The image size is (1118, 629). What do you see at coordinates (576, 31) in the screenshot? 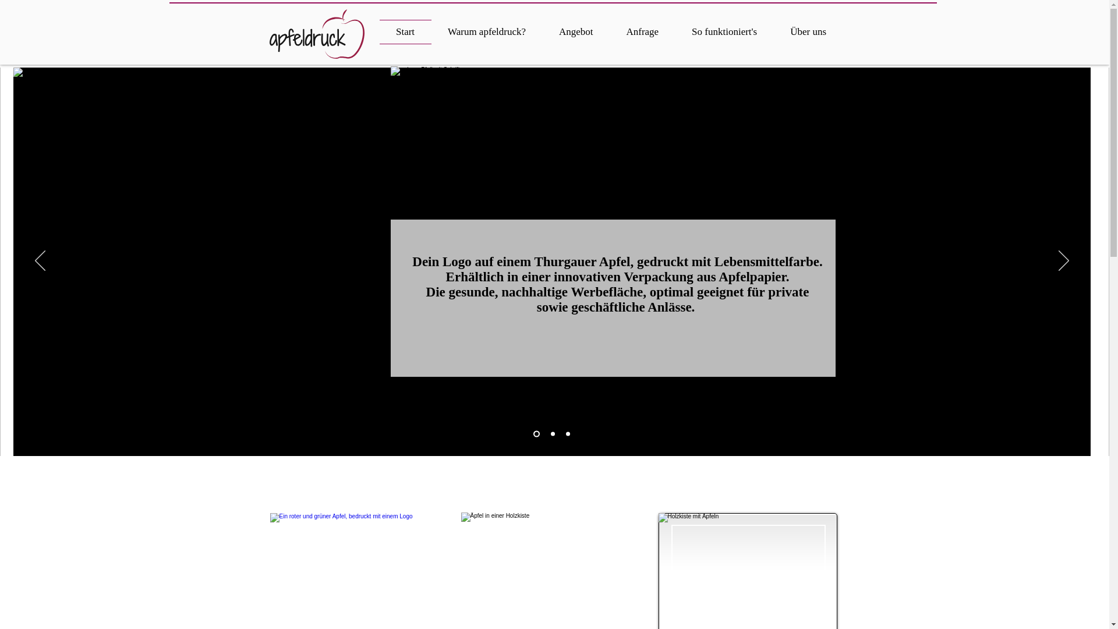
I see `'Angebot'` at bounding box center [576, 31].